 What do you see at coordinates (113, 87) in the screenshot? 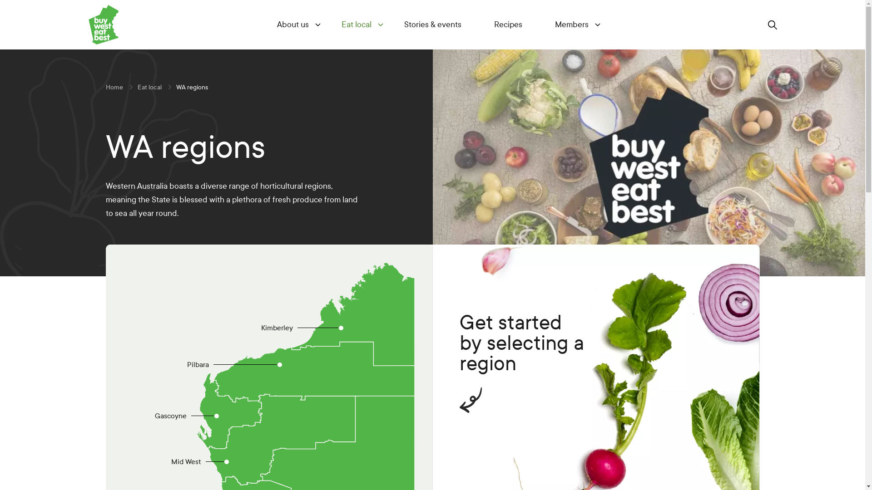
I see `'Home'` at bounding box center [113, 87].